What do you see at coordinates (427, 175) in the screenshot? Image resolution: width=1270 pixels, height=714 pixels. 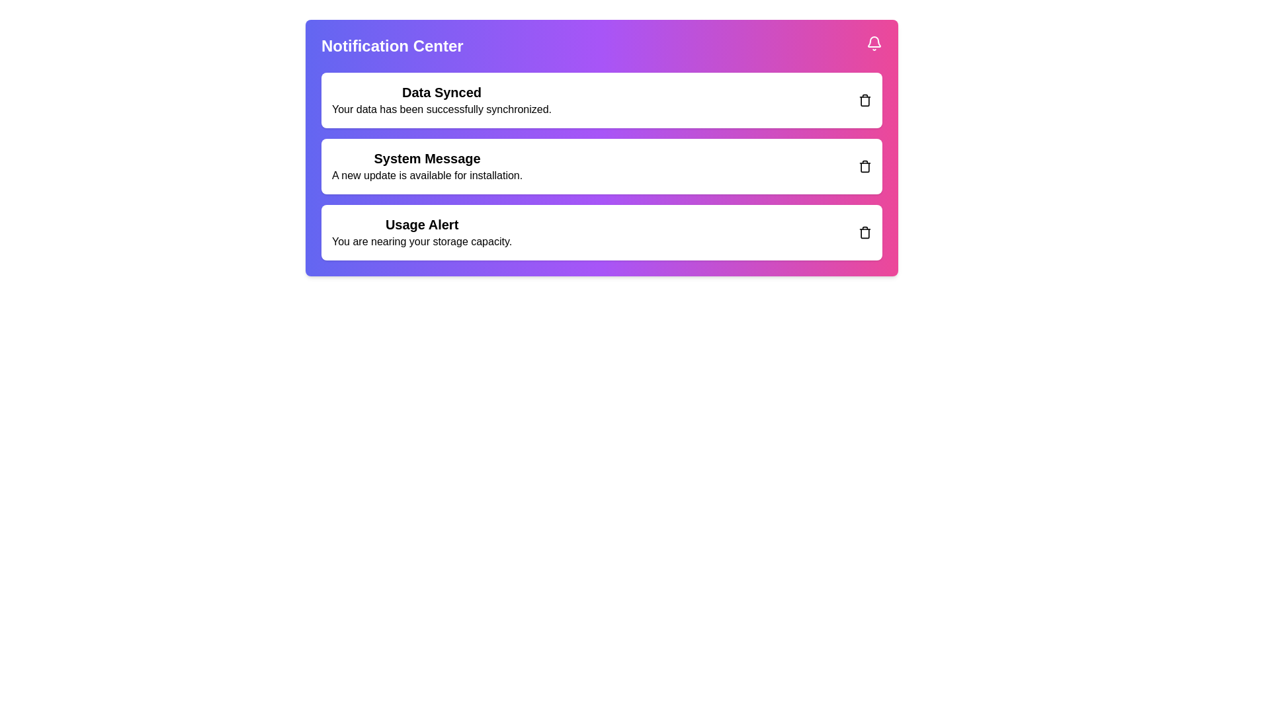 I see `the static text element that reads 'A new update is available for installation.' which is located below the main title 'System Message' within a notification card in the Notification Center panel` at bounding box center [427, 175].